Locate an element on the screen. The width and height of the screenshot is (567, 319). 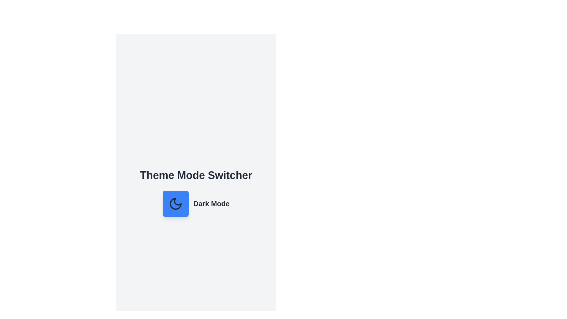
the ThemeToggleButton to toggle the theme is located at coordinates (175, 204).